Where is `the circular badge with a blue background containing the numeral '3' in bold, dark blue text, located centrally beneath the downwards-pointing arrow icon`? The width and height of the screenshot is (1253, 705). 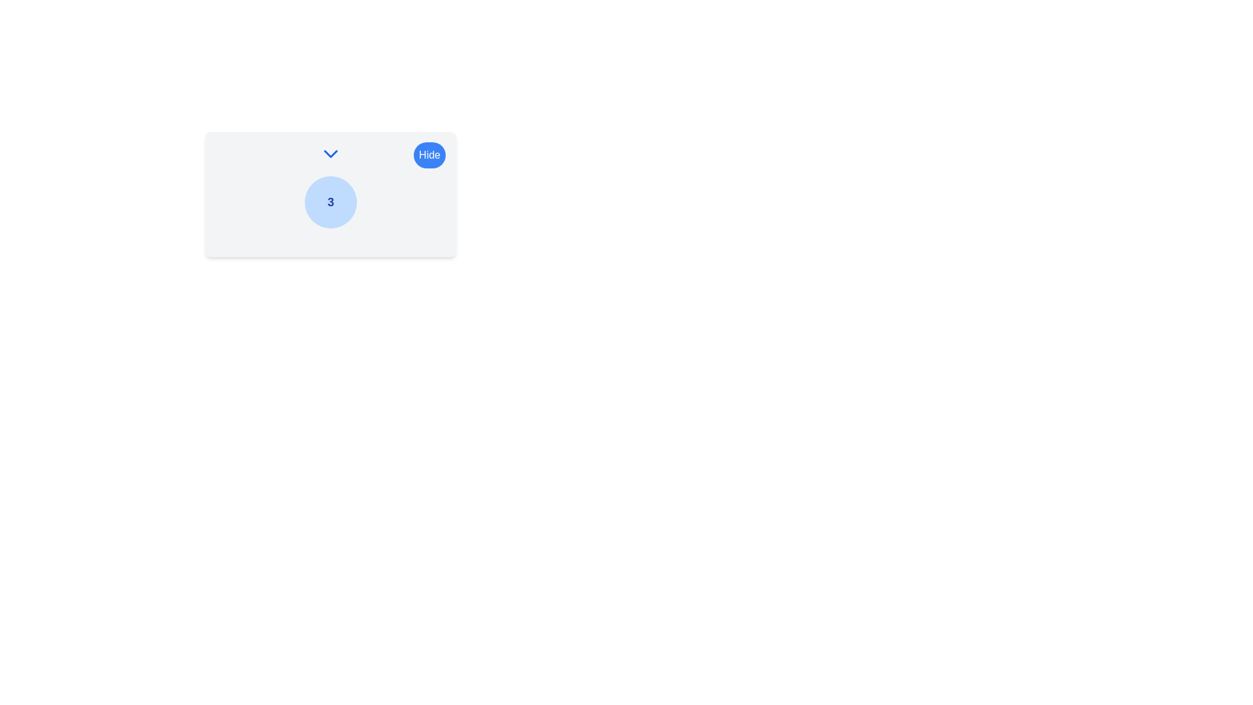
the circular badge with a blue background containing the numeral '3' in bold, dark blue text, located centrally beneath the downwards-pointing arrow icon is located at coordinates (331, 202).